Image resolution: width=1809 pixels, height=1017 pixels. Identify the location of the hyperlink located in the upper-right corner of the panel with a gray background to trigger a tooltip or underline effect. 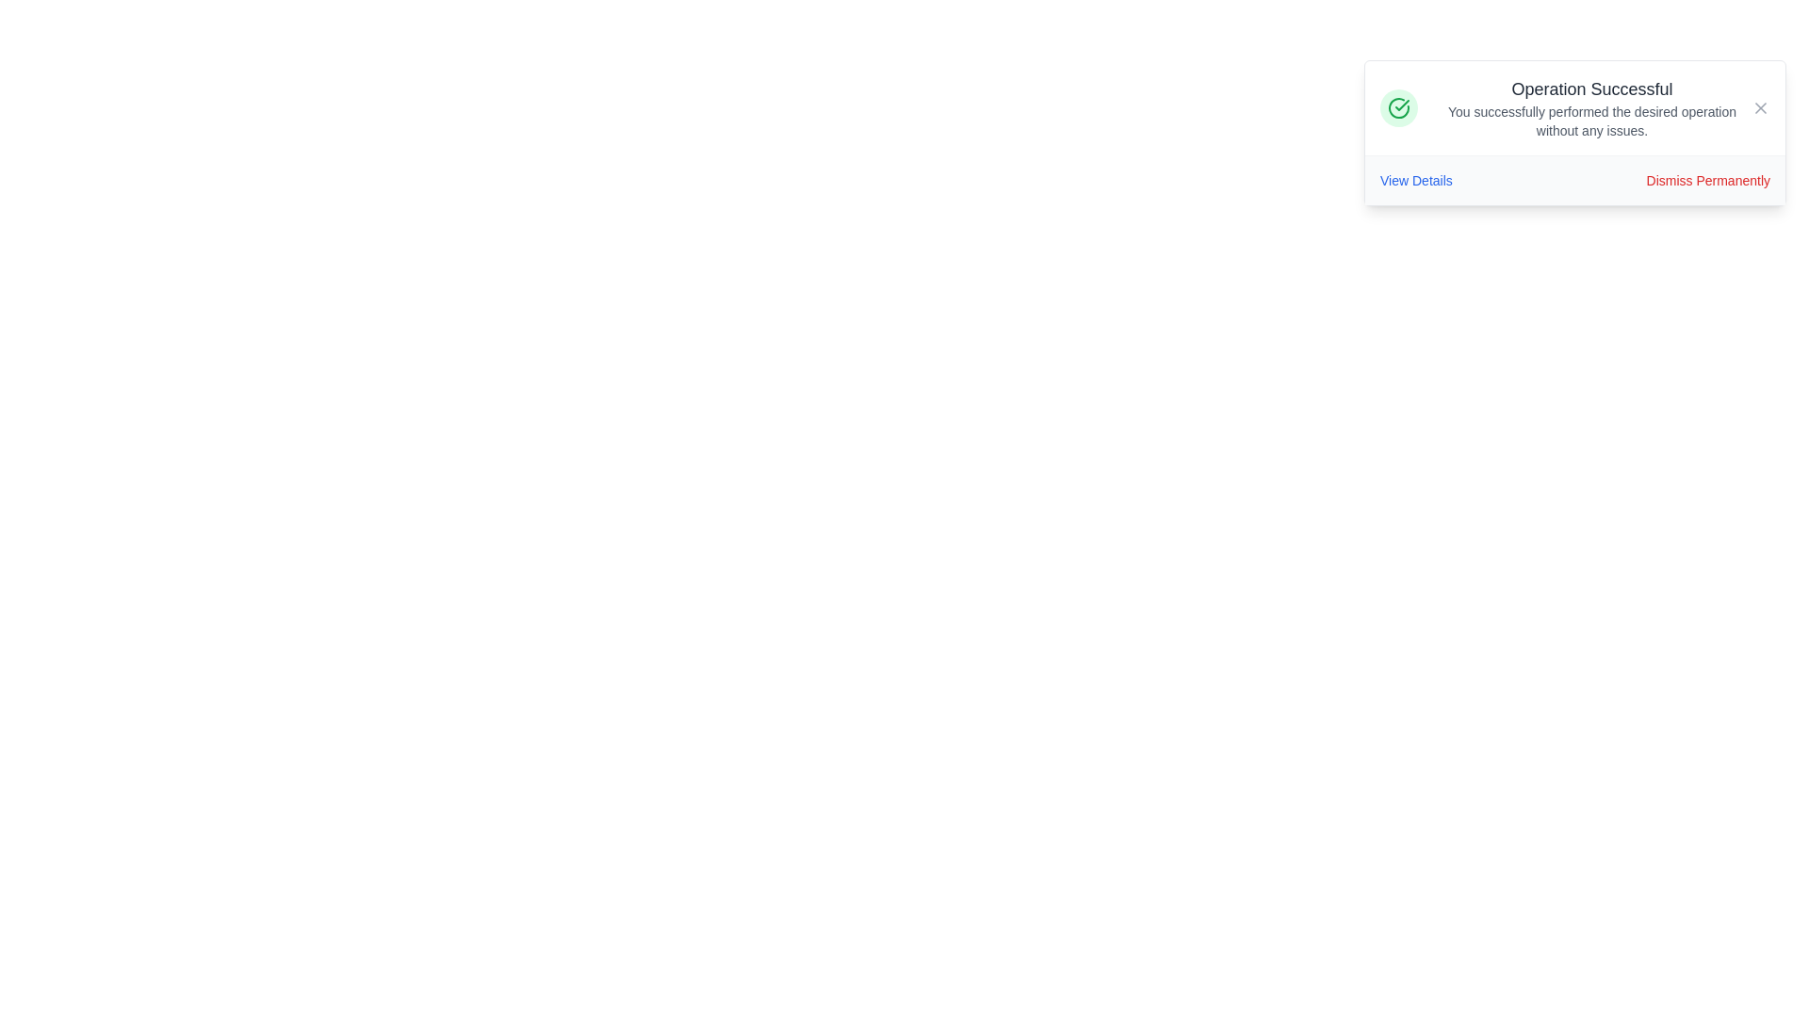
(1416, 181).